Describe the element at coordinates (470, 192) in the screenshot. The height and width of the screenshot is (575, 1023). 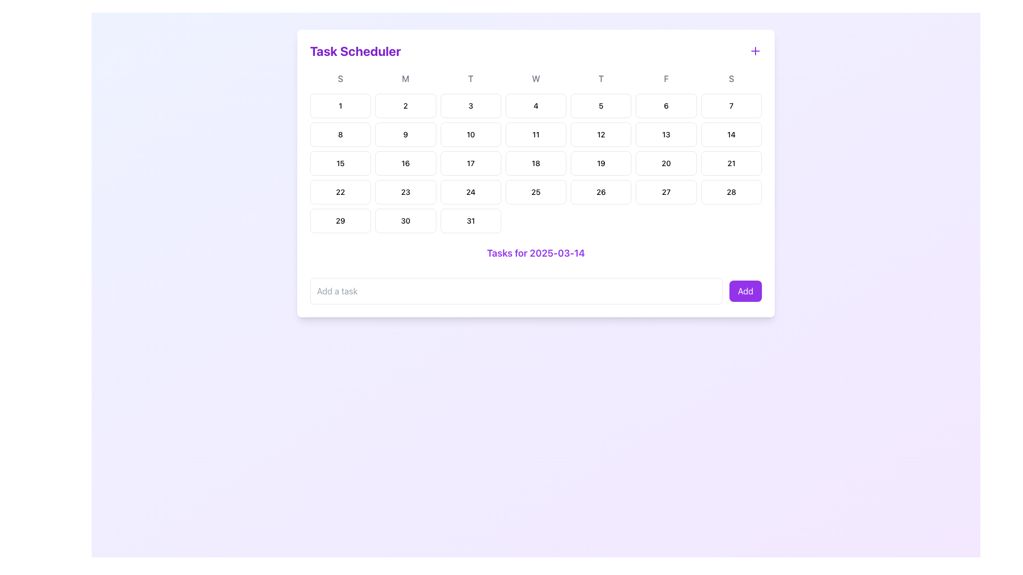
I see `the button labeled '24' in the fourth column of the lower row in the calendar grid` at that location.